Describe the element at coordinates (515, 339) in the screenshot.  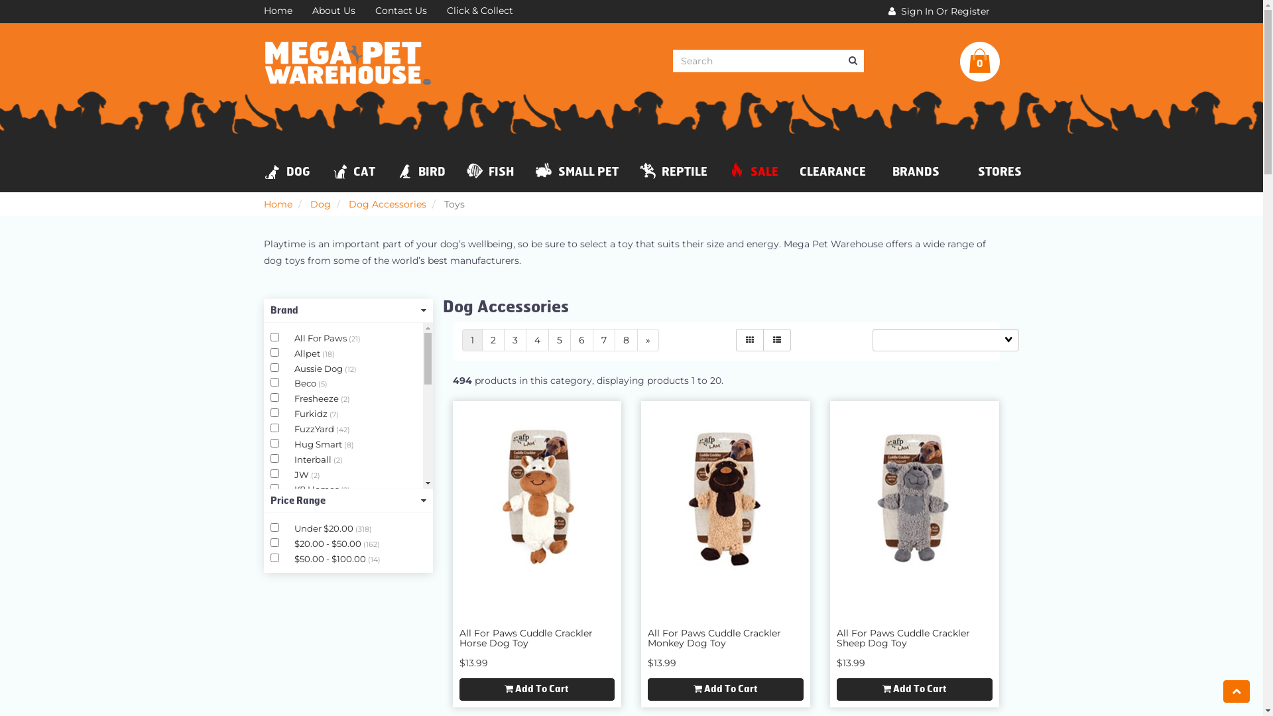
I see `'3'` at that location.